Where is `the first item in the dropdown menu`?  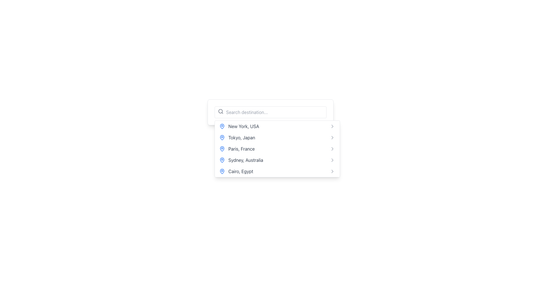
the first item in the dropdown menu is located at coordinates (277, 126).